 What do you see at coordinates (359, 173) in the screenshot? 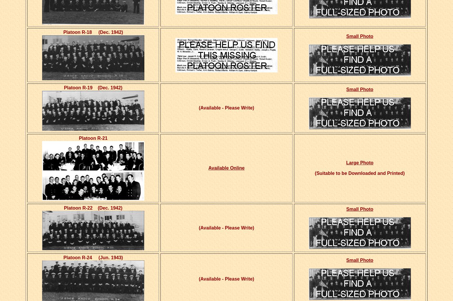
I see `'(Suitable to be Downloaded and Printed)'` at bounding box center [359, 173].